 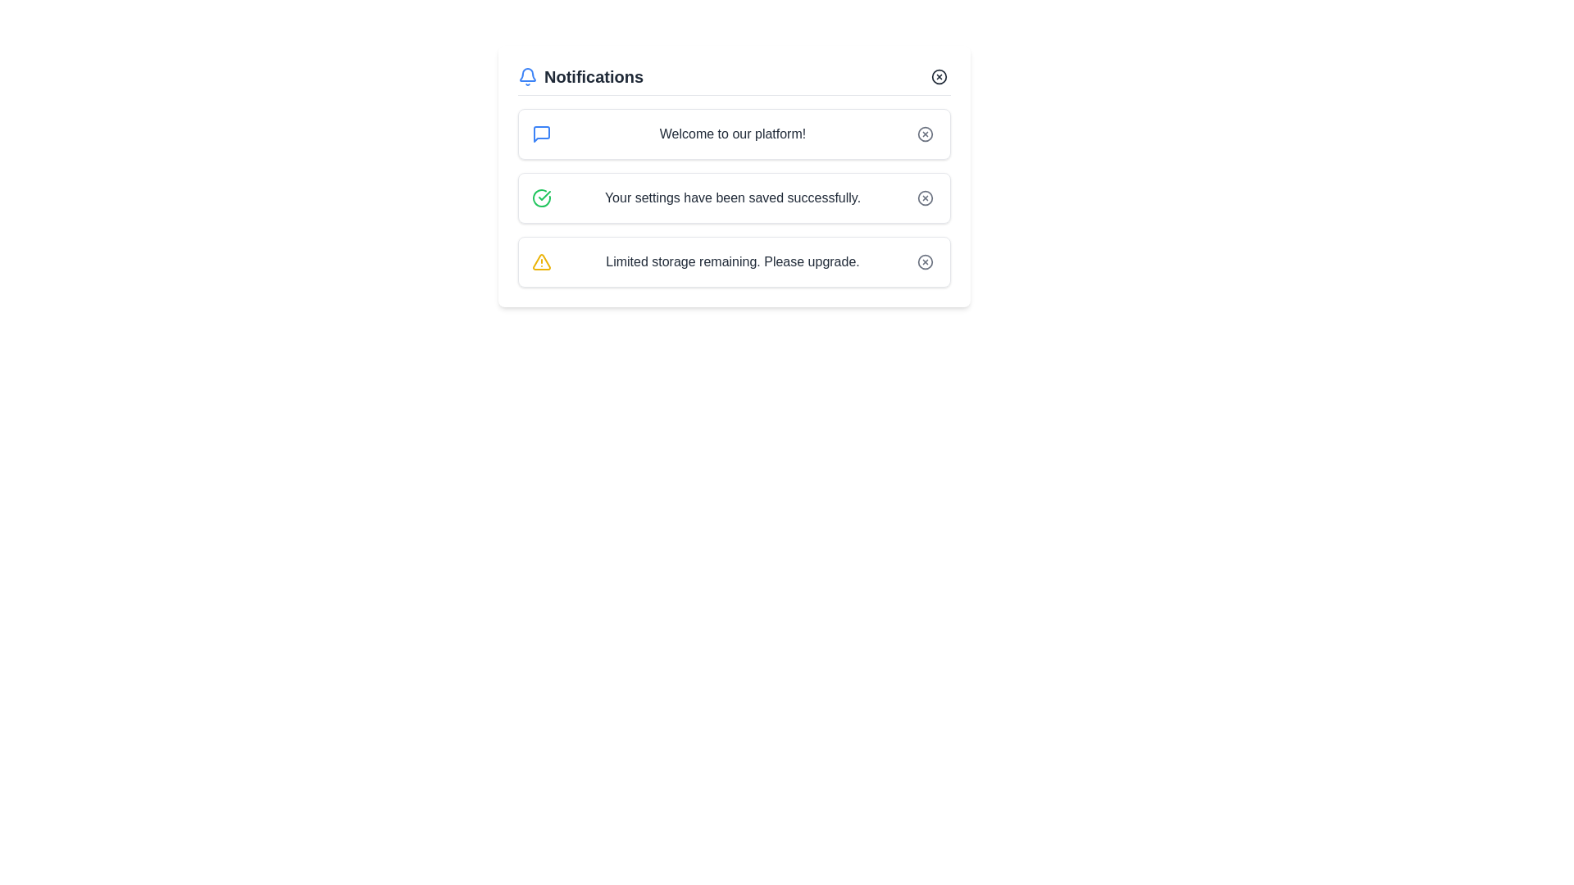 What do you see at coordinates (542, 197) in the screenshot?
I see `the green checkmark icon in the notifications panel to acknowledge the message 'Your settings have been saved successfully.'` at bounding box center [542, 197].